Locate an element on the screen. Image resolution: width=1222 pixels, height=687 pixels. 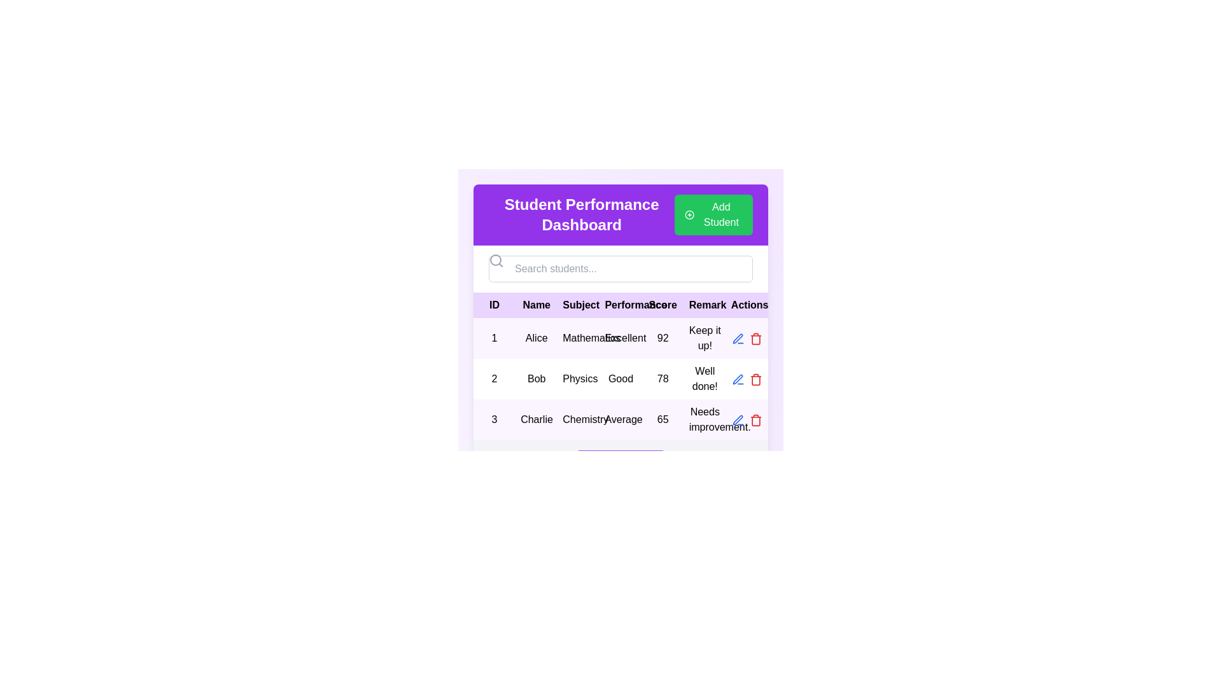
the static text displaying the subject name 'Chemistry' located in the third row of the student performance dashboard under the 'Subject' column is located at coordinates (578, 419).